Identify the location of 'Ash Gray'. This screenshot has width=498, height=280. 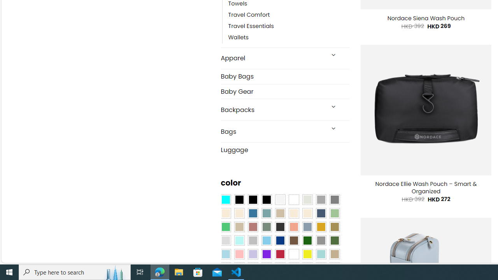
(307, 199).